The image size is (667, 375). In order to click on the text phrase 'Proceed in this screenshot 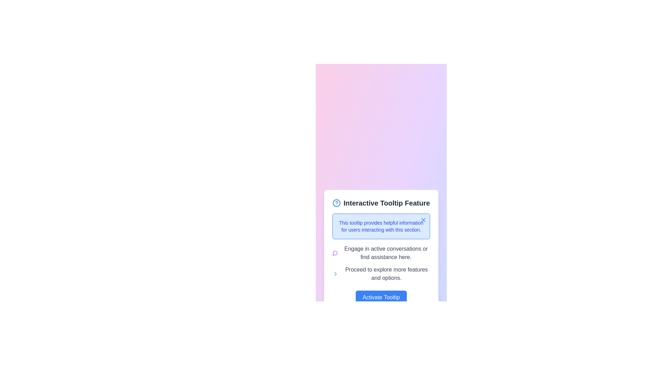, I will do `click(381, 274)`.